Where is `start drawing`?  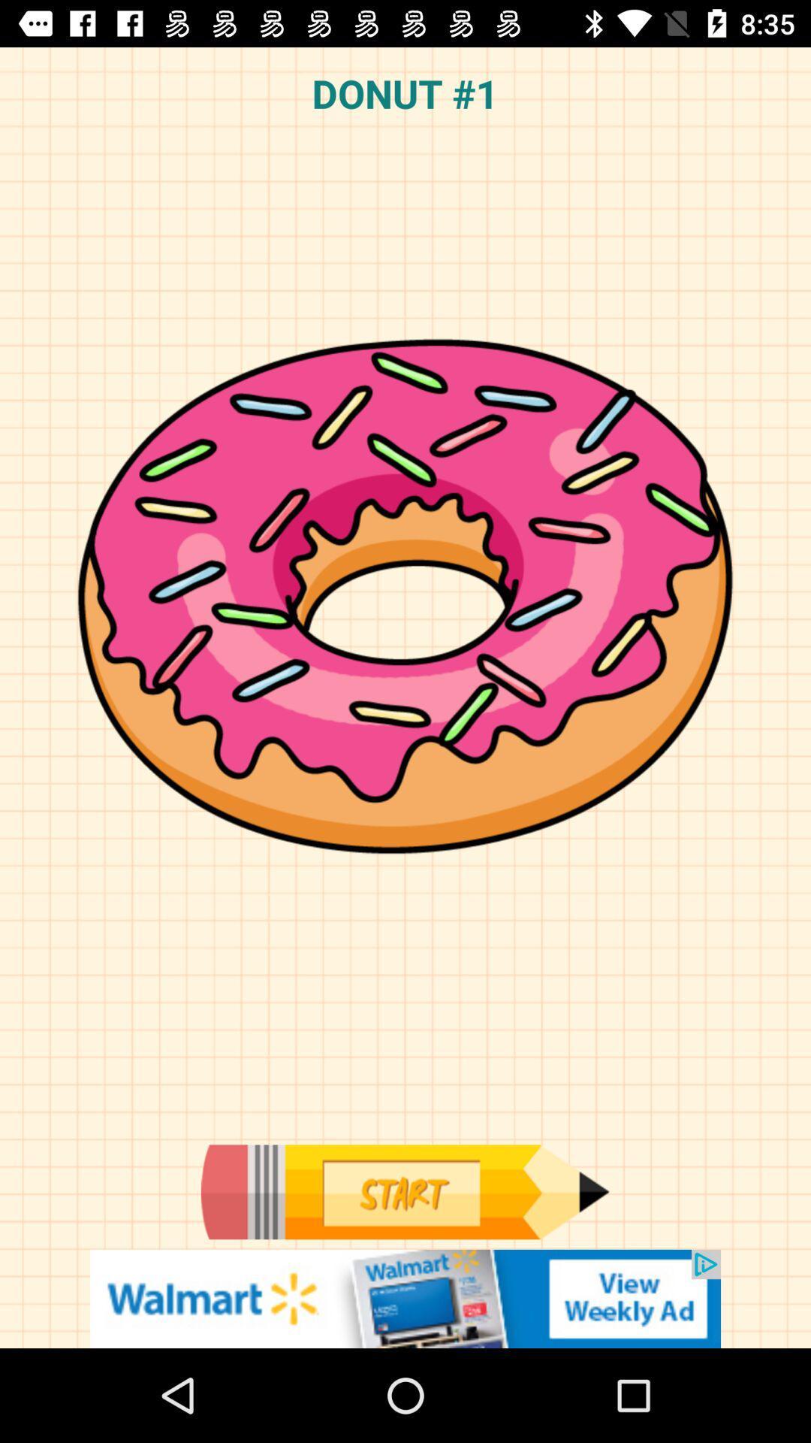
start drawing is located at coordinates (404, 1191).